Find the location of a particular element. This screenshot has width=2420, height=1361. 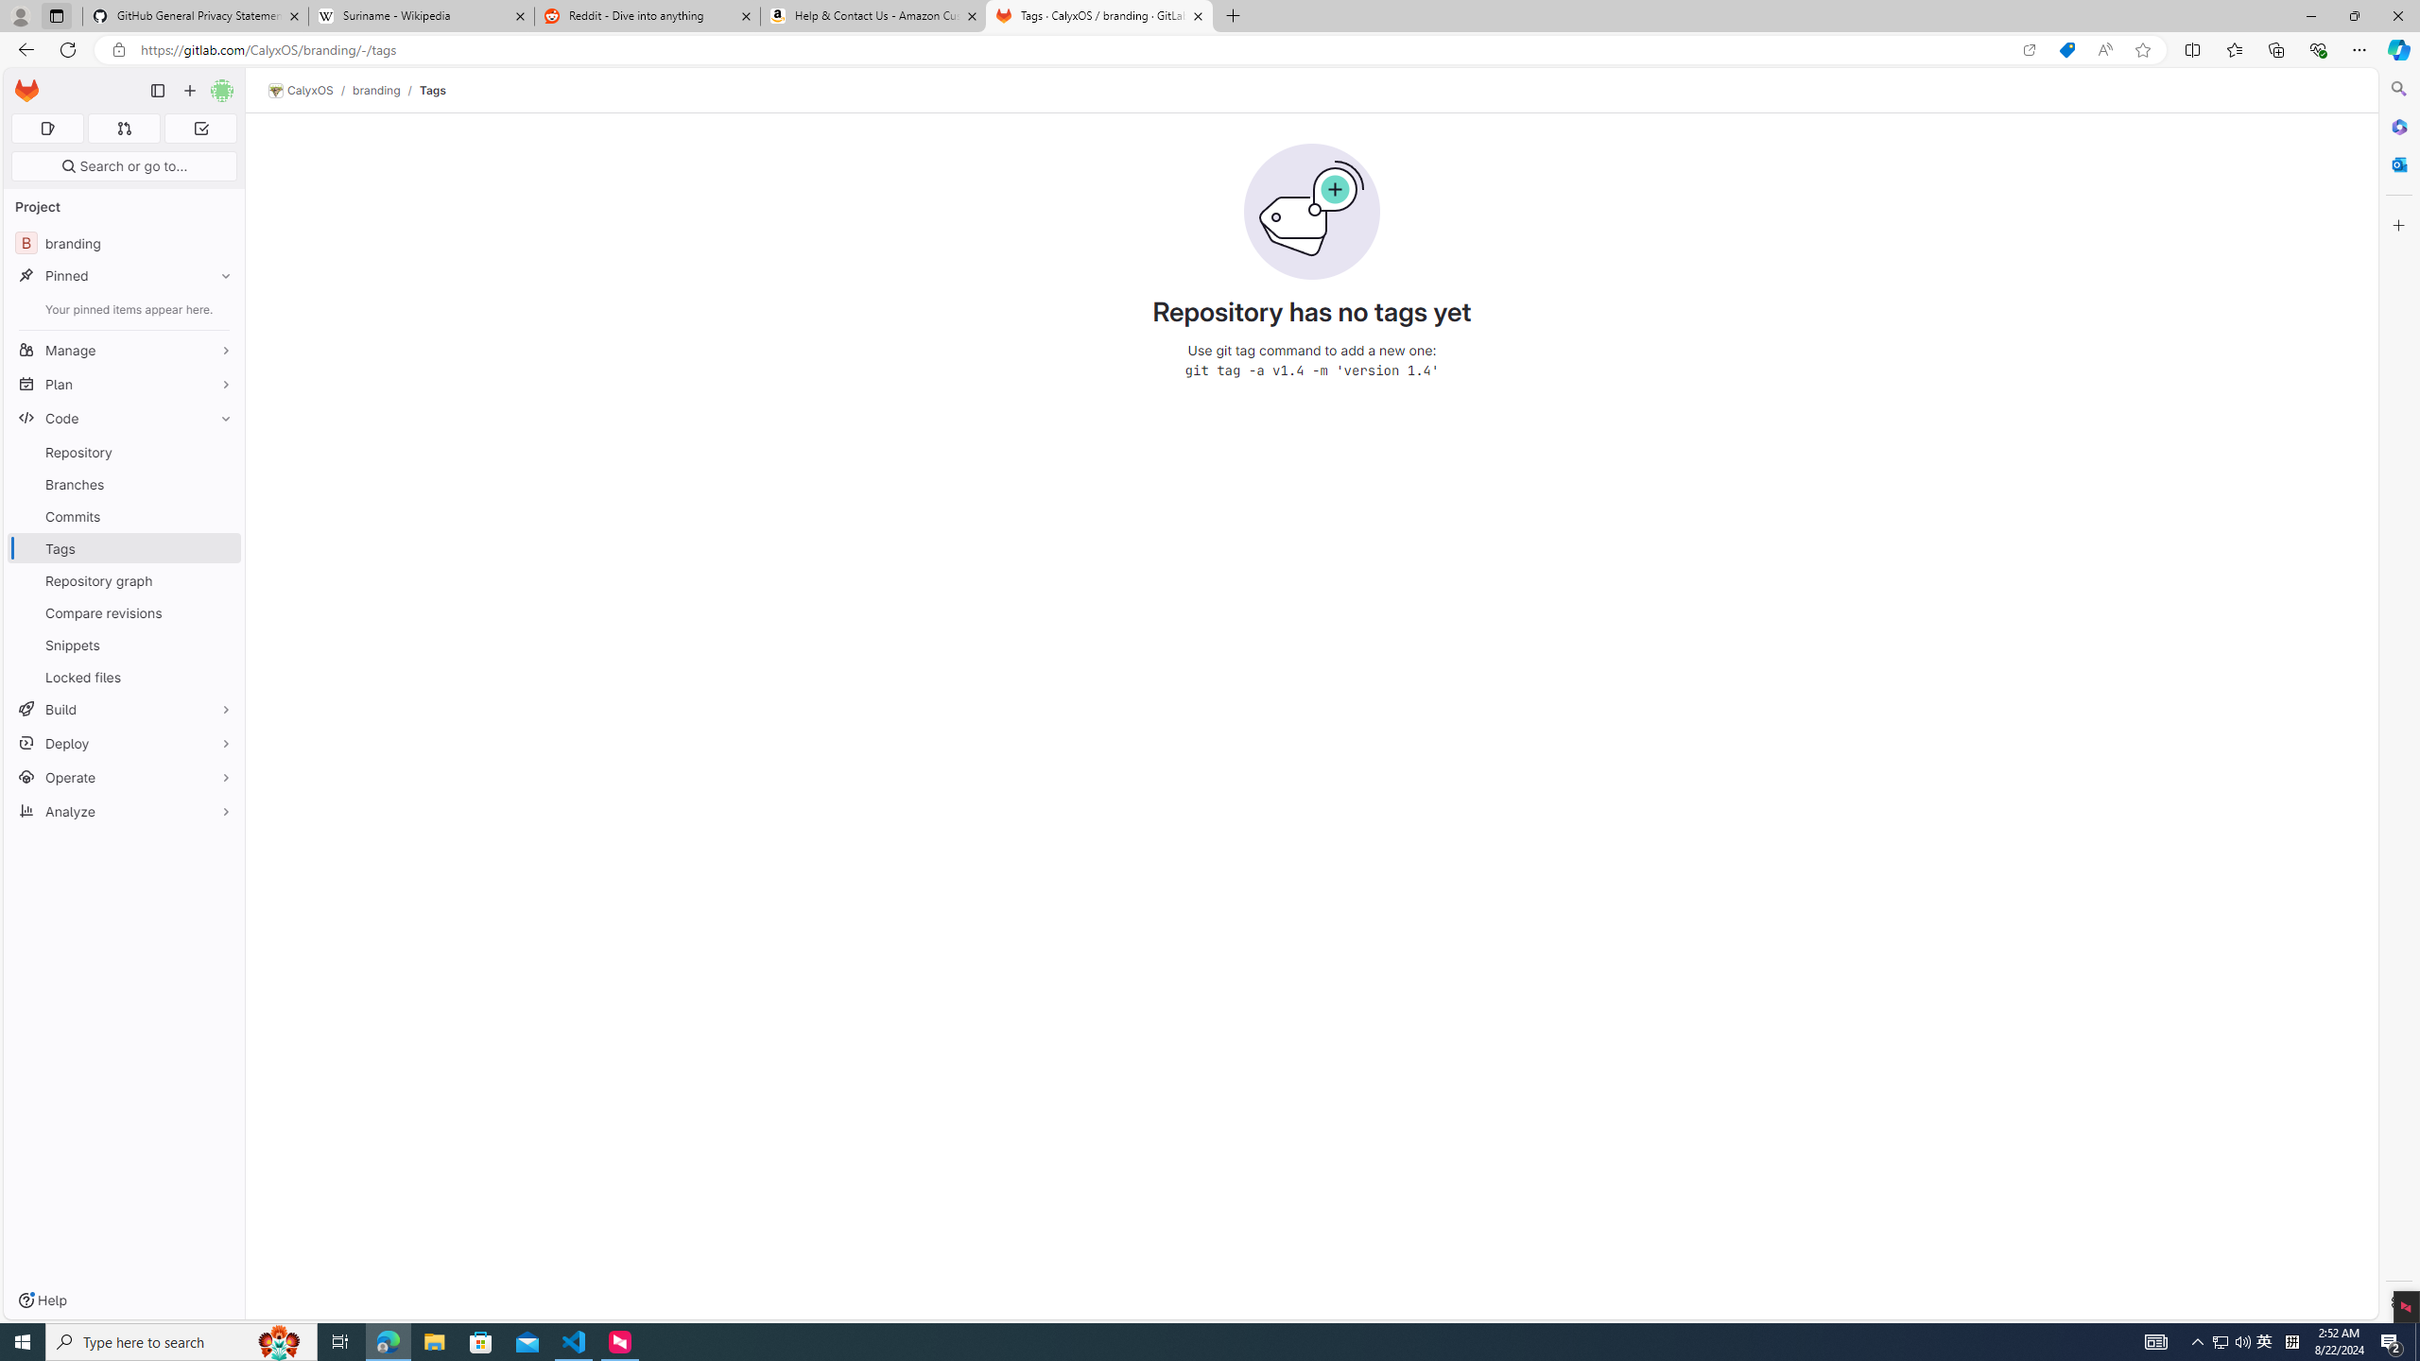

'CalyxOS' is located at coordinates (300, 90).